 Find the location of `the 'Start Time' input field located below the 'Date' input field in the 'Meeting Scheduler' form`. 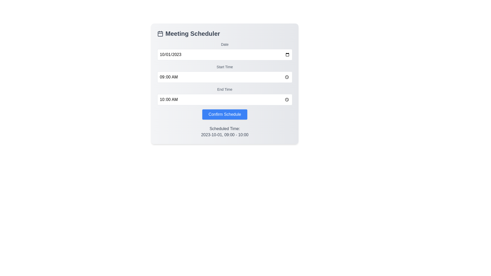

the 'Start Time' input field located below the 'Date' input field in the 'Meeting Scheduler' form is located at coordinates (225, 77).